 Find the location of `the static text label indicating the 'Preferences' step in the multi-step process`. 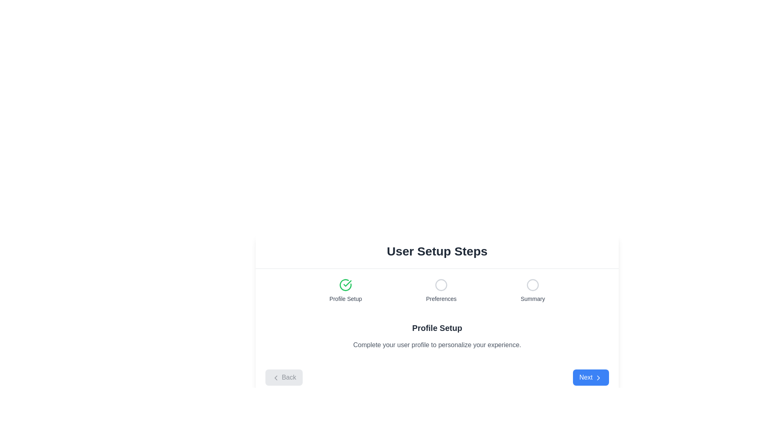

the static text label indicating the 'Preferences' step in the multi-step process is located at coordinates (441, 298).